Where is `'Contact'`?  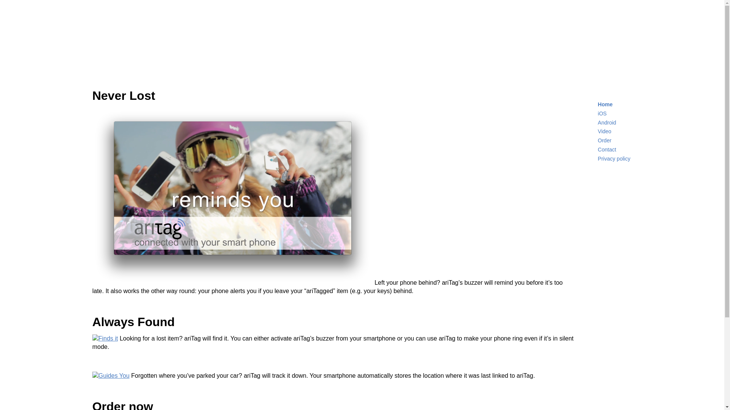 'Contact' is located at coordinates (606, 149).